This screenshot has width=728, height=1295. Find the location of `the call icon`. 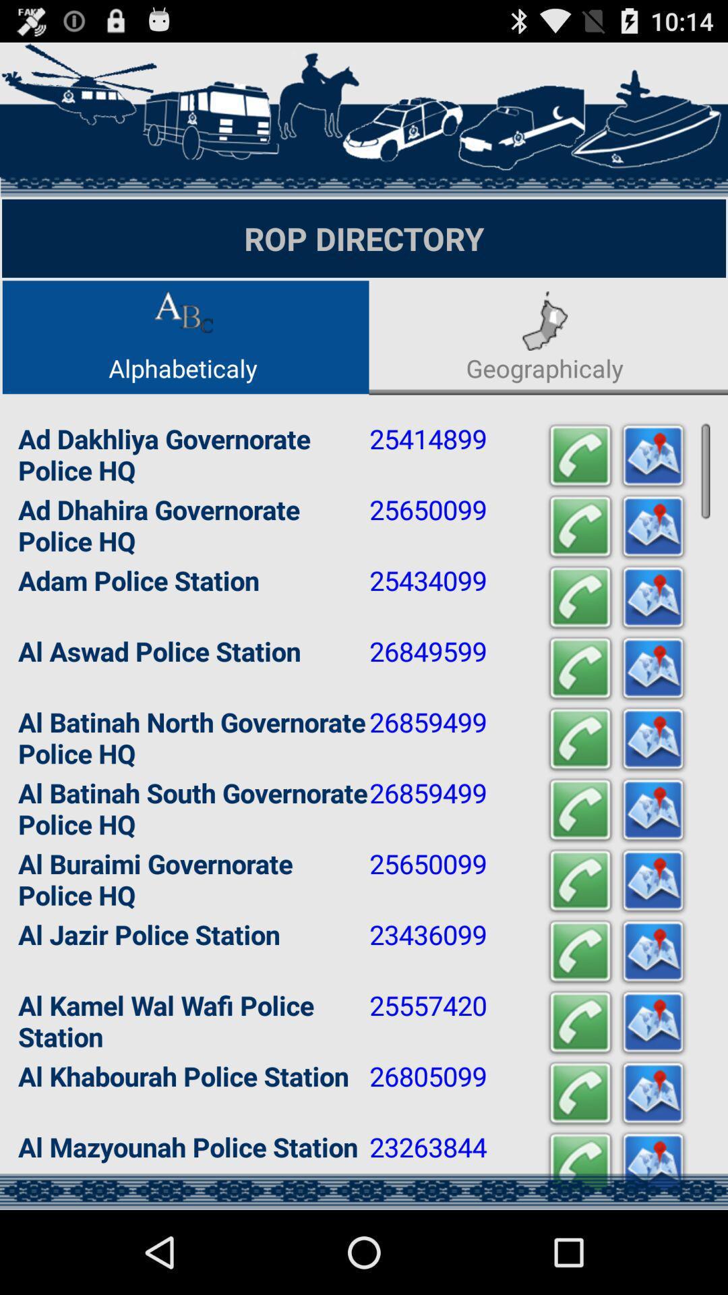

the call icon is located at coordinates (579, 564).